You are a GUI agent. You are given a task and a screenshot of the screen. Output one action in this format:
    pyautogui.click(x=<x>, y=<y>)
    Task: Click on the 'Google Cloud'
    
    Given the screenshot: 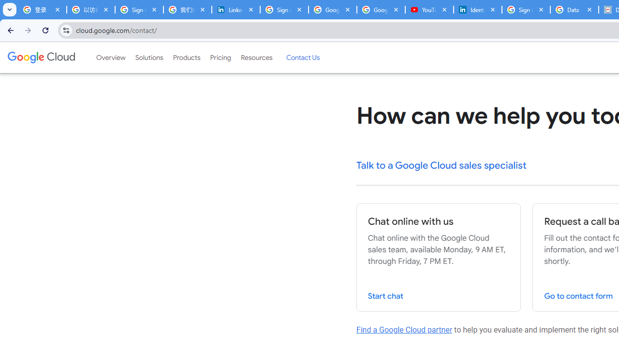 What is the action you would take?
    pyautogui.click(x=41, y=58)
    